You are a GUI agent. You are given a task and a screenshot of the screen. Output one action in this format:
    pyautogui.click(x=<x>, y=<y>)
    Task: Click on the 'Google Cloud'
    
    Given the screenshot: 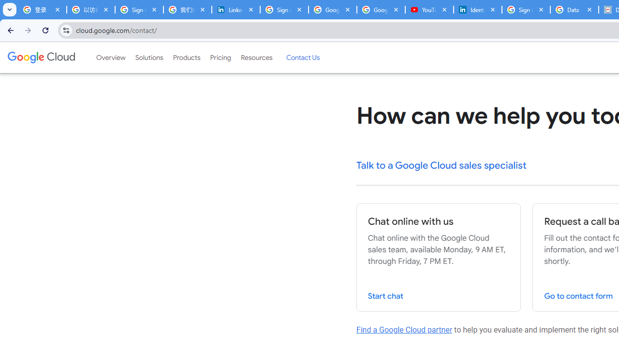 What is the action you would take?
    pyautogui.click(x=41, y=58)
    